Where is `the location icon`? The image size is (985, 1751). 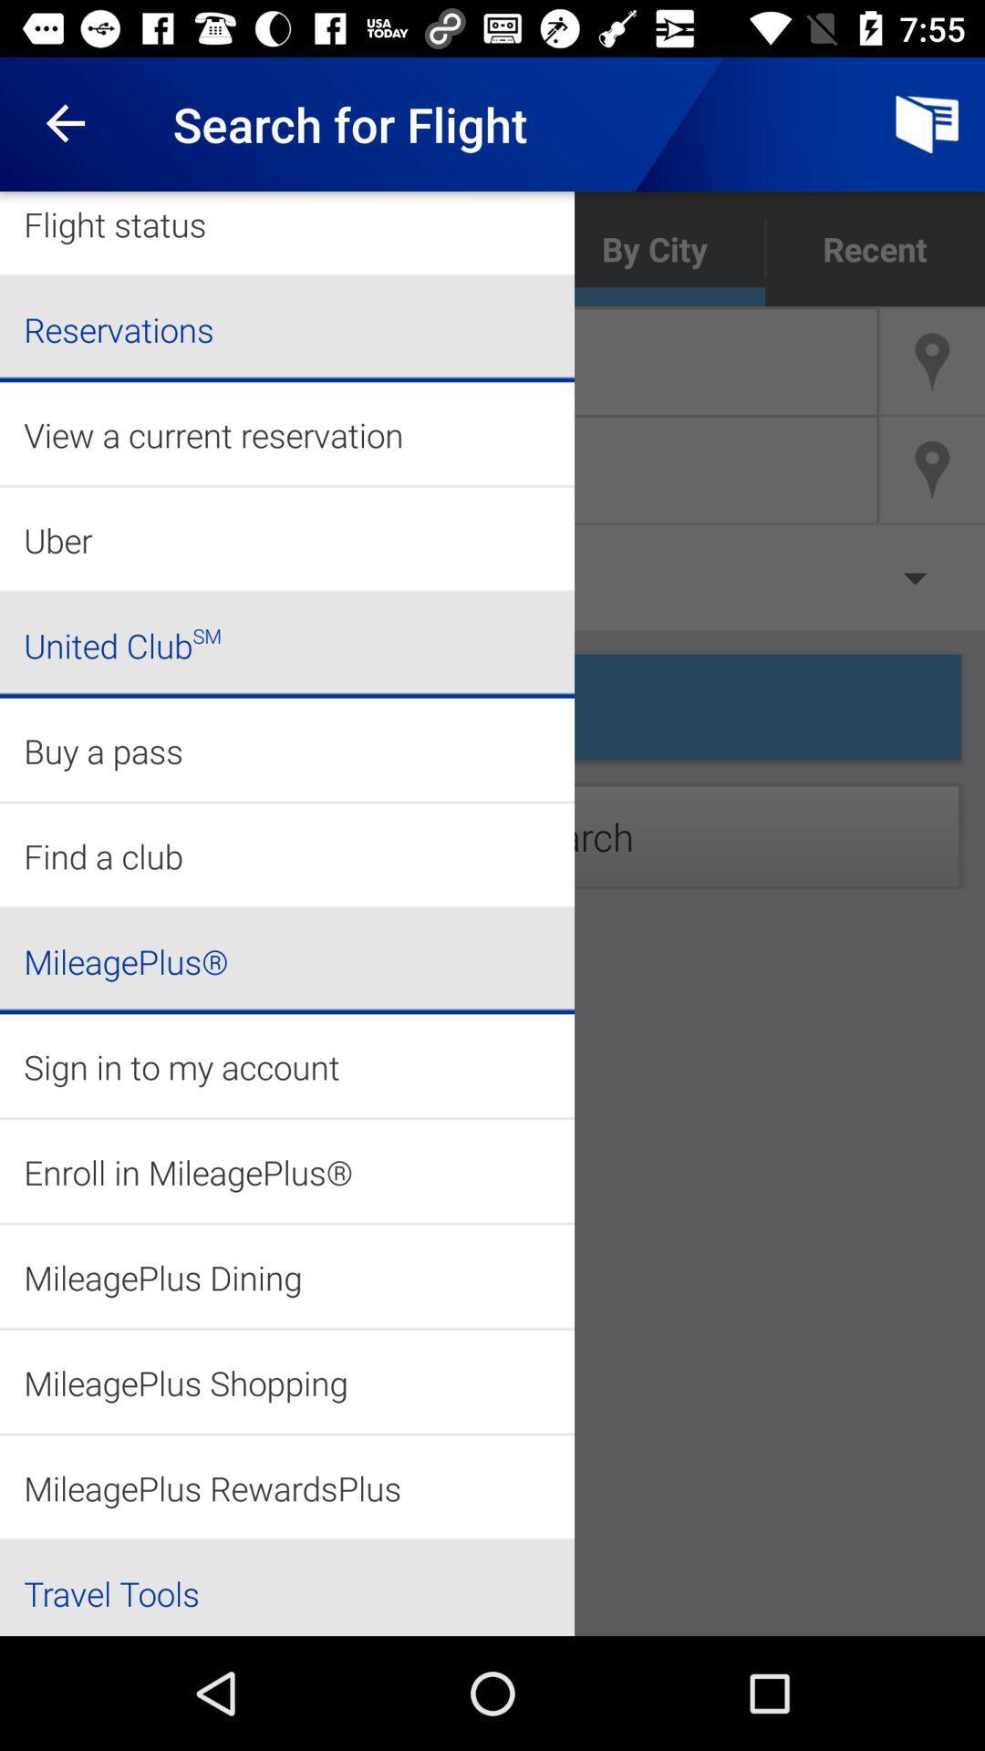 the location icon is located at coordinates (932, 470).